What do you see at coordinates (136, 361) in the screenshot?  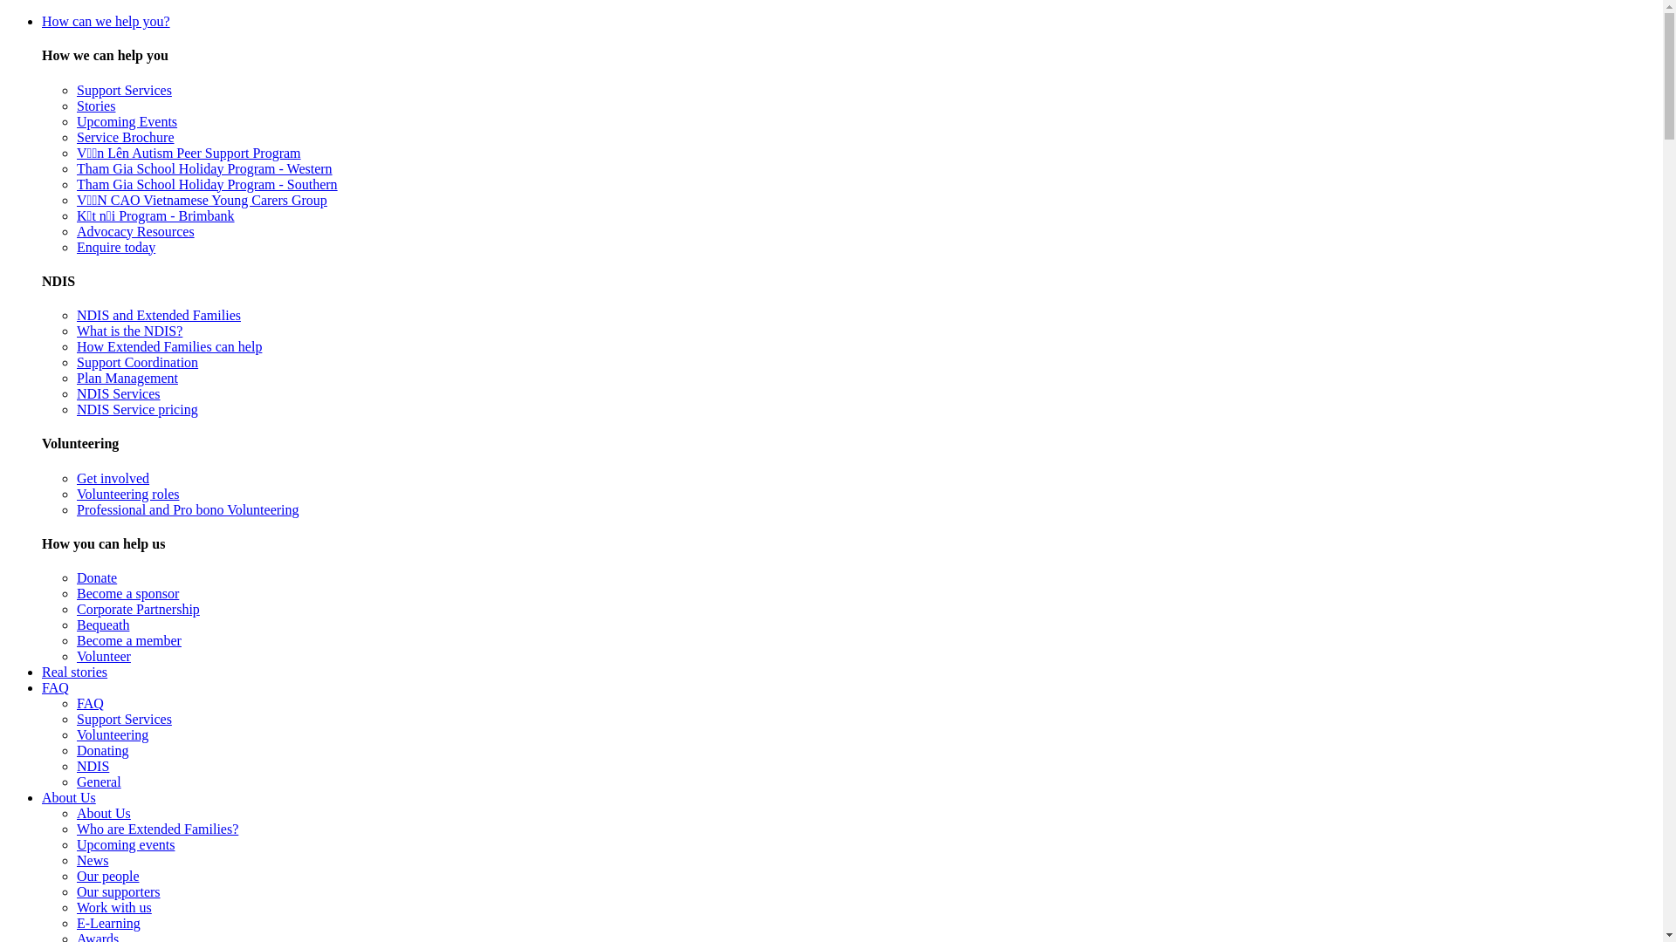 I see `'Support Coordination'` at bounding box center [136, 361].